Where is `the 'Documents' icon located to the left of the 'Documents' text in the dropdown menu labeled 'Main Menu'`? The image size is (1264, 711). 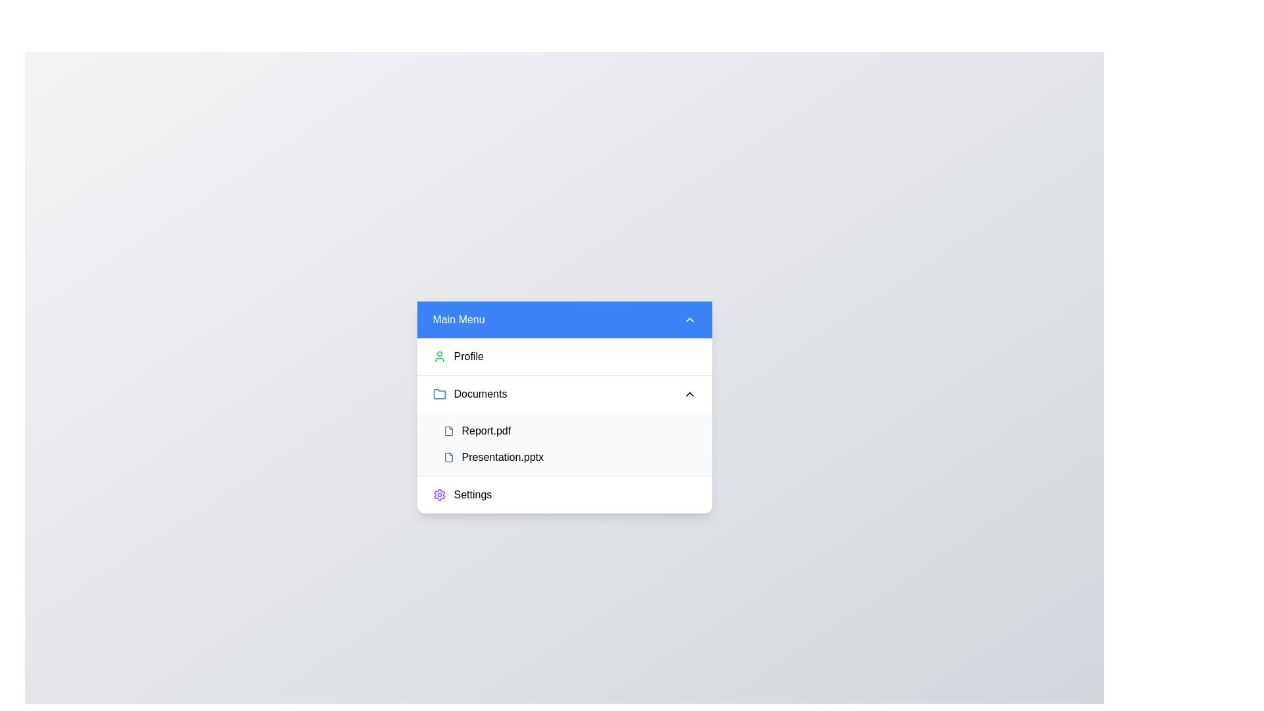
the 'Documents' icon located to the left of the 'Documents' text in the dropdown menu labeled 'Main Menu' is located at coordinates (439, 393).